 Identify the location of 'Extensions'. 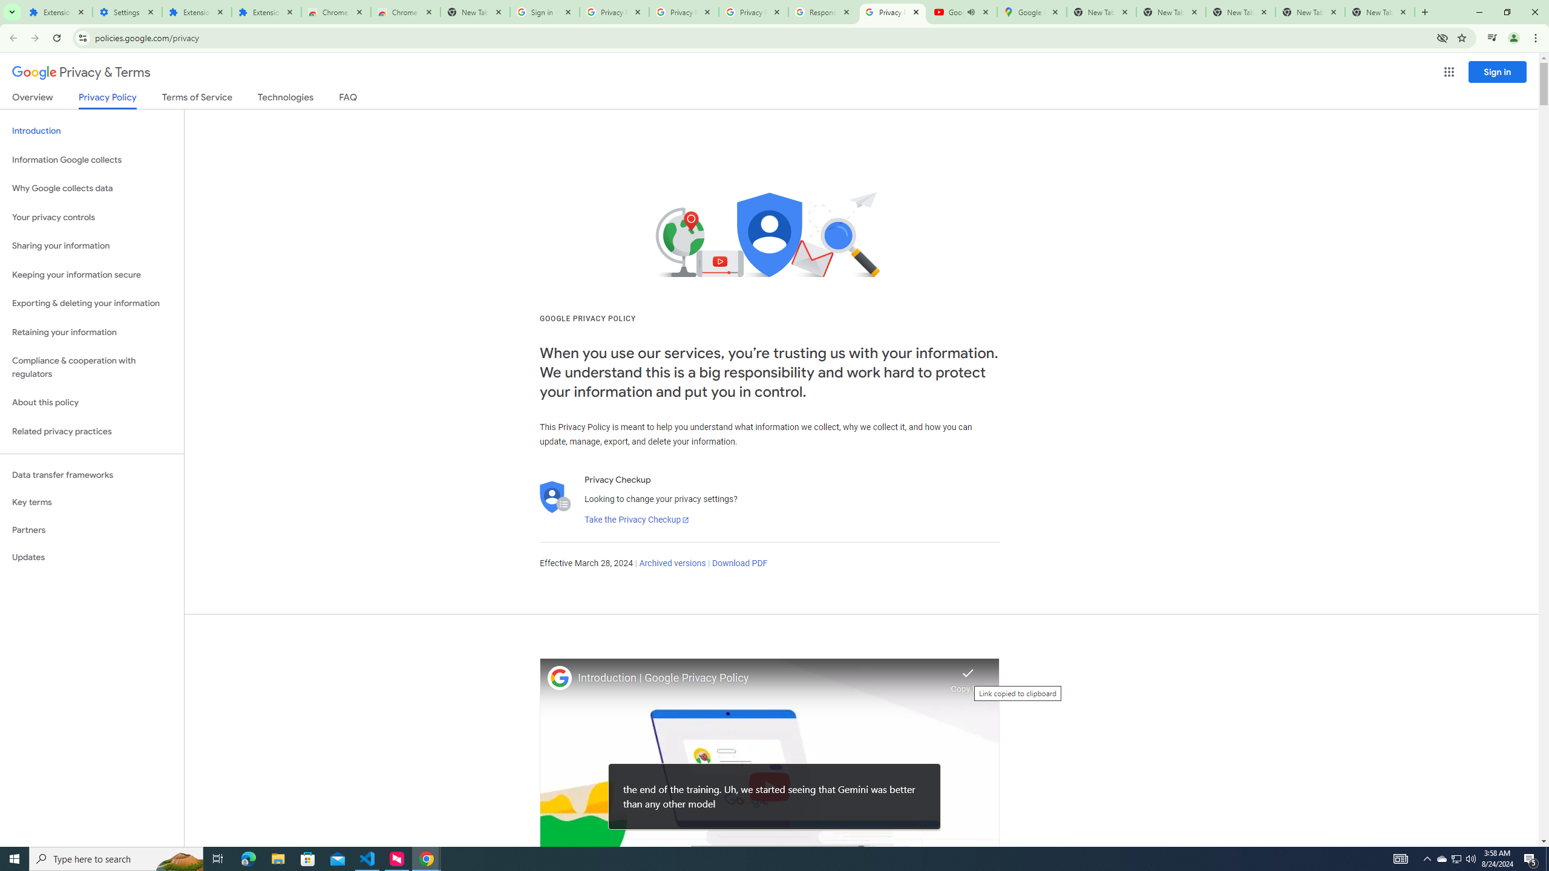
(56, 11).